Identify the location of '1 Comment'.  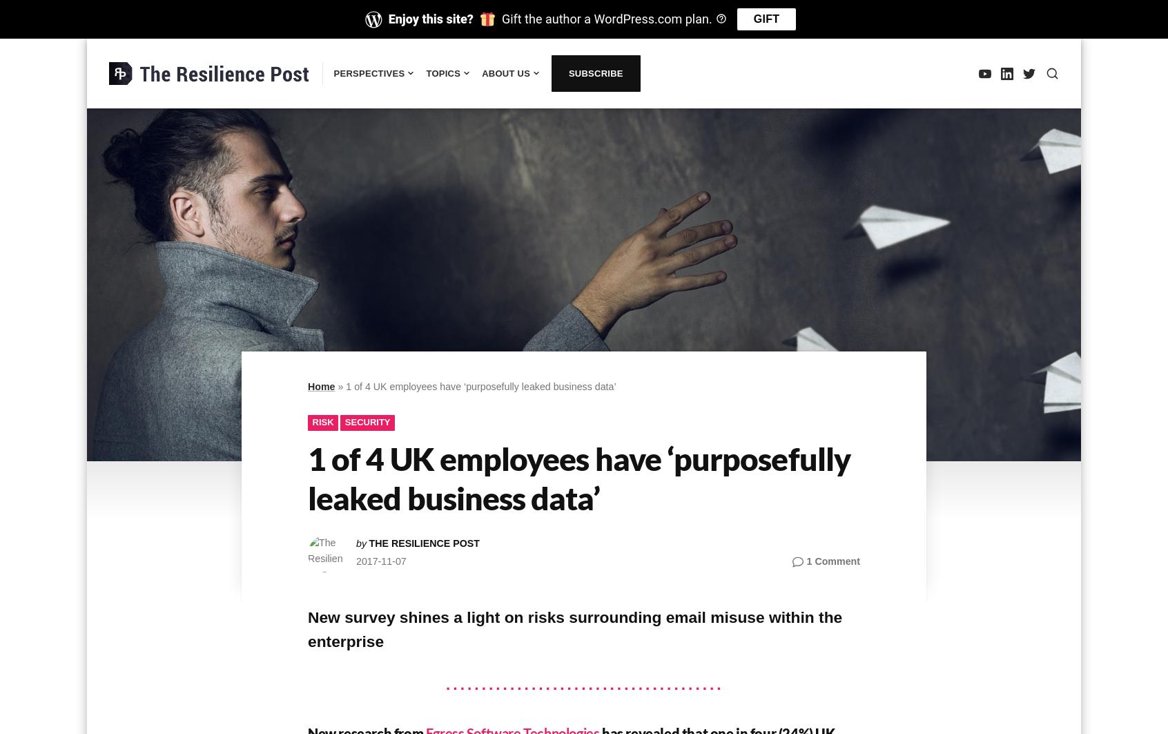
(805, 560).